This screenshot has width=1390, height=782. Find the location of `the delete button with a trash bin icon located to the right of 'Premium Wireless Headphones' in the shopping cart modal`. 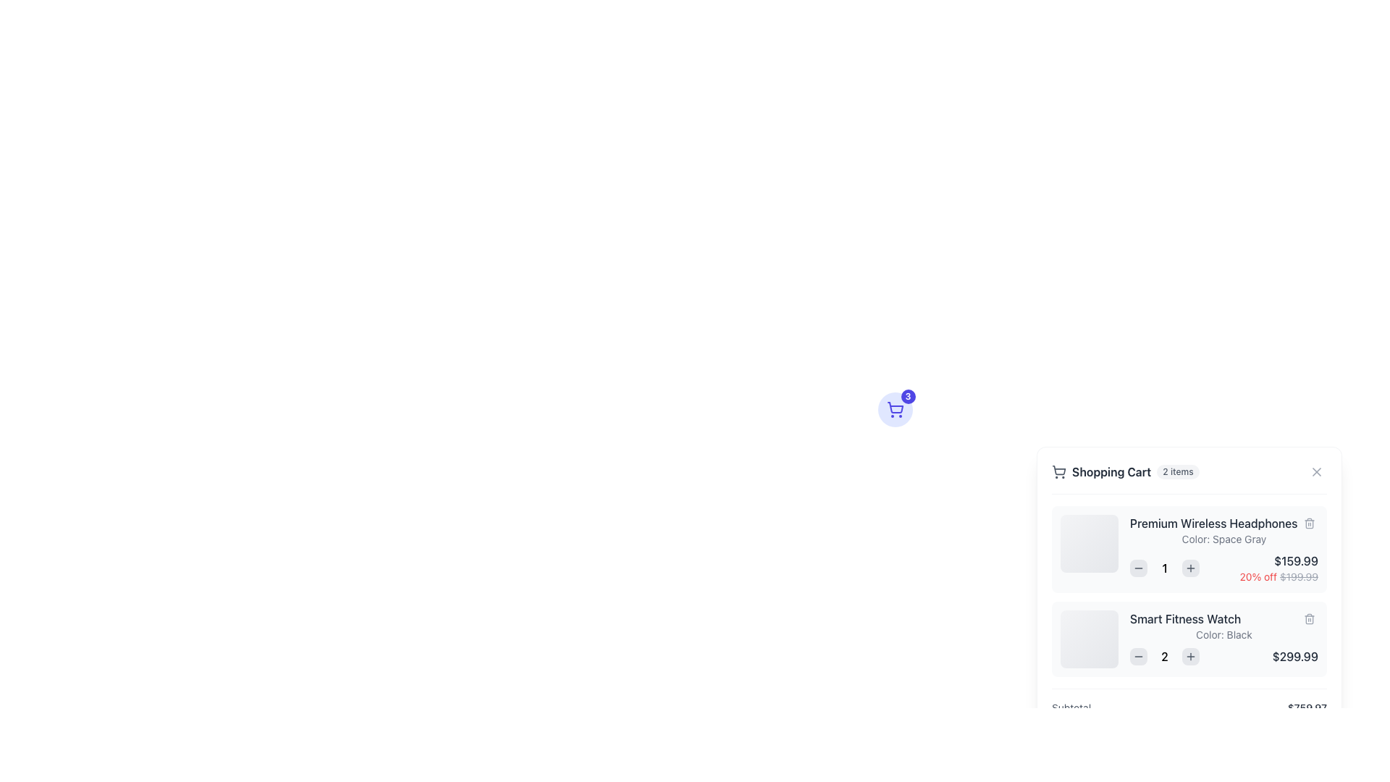

the delete button with a trash bin icon located to the right of 'Premium Wireless Headphones' in the shopping cart modal is located at coordinates (1310, 523).